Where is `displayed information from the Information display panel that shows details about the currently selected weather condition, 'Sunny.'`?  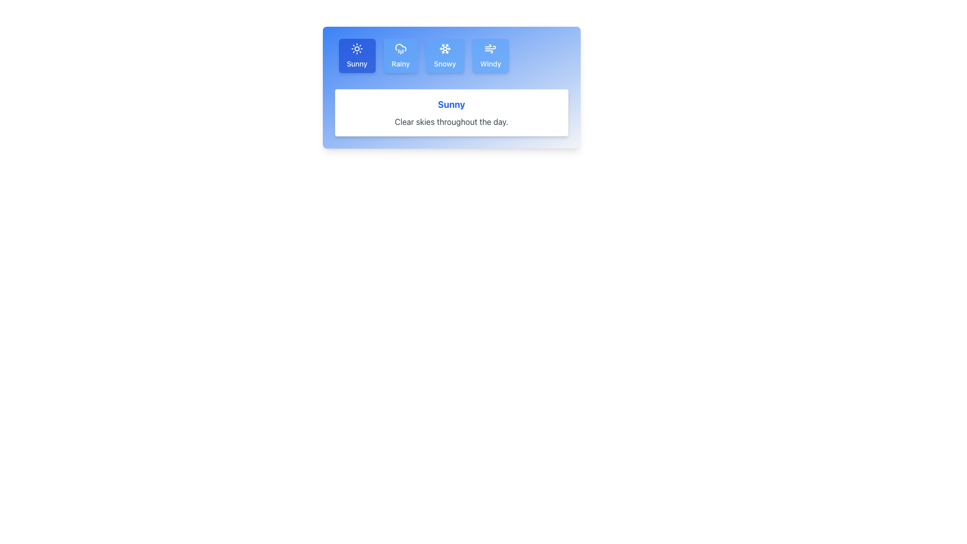
displayed information from the Information display panel that shows details about the currently selected weather condition, 'Sunny.' is located at coordinates (451, 112).